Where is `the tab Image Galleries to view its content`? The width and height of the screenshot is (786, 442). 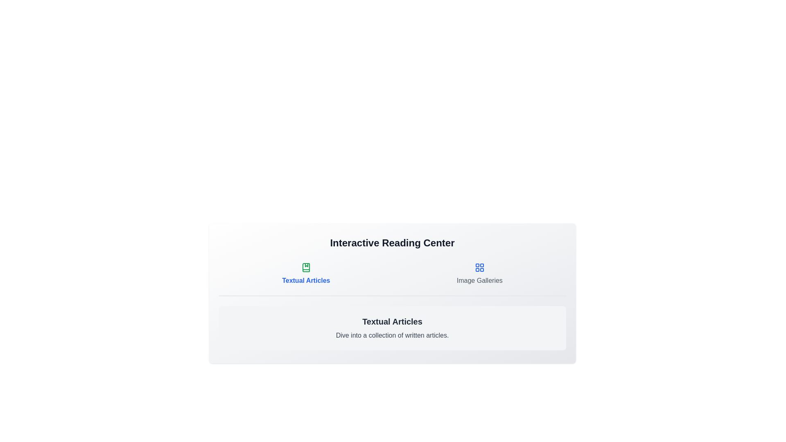
the tab Image Galleries to view its content is located at coordinates (479, 274).